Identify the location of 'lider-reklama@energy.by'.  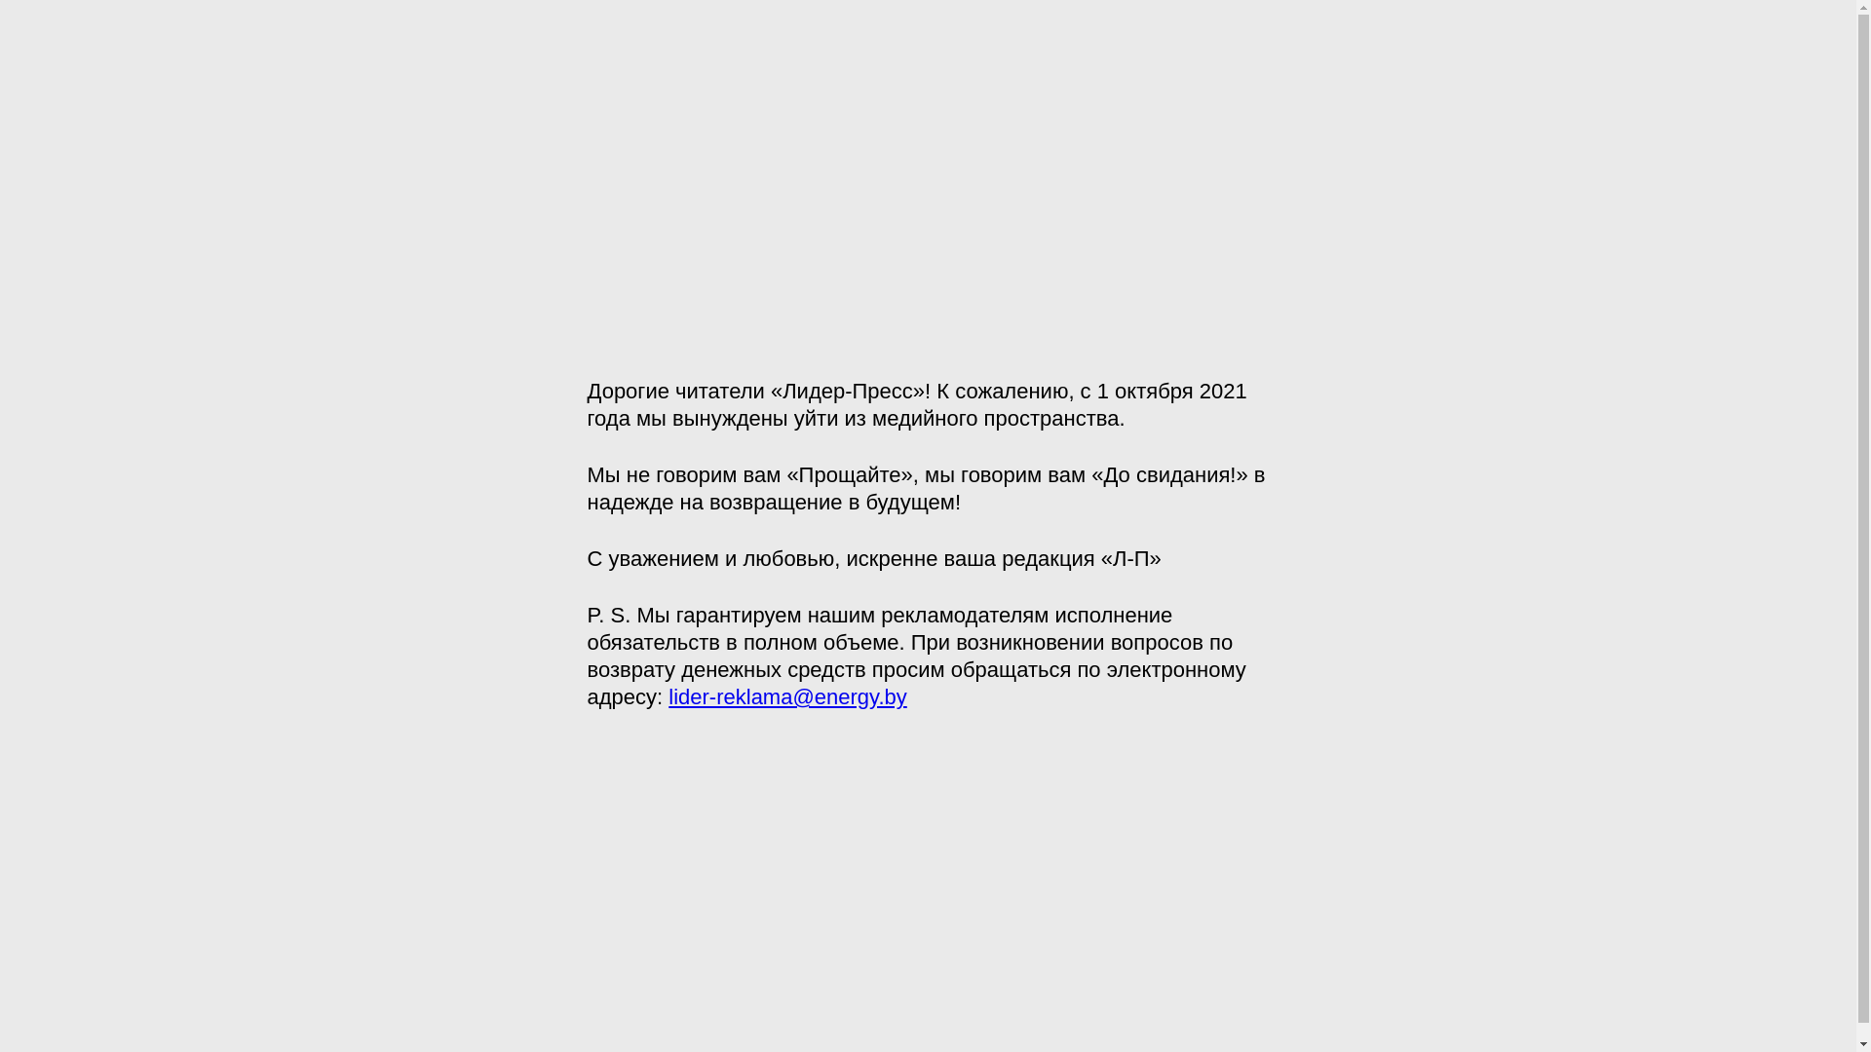
(786, 695).